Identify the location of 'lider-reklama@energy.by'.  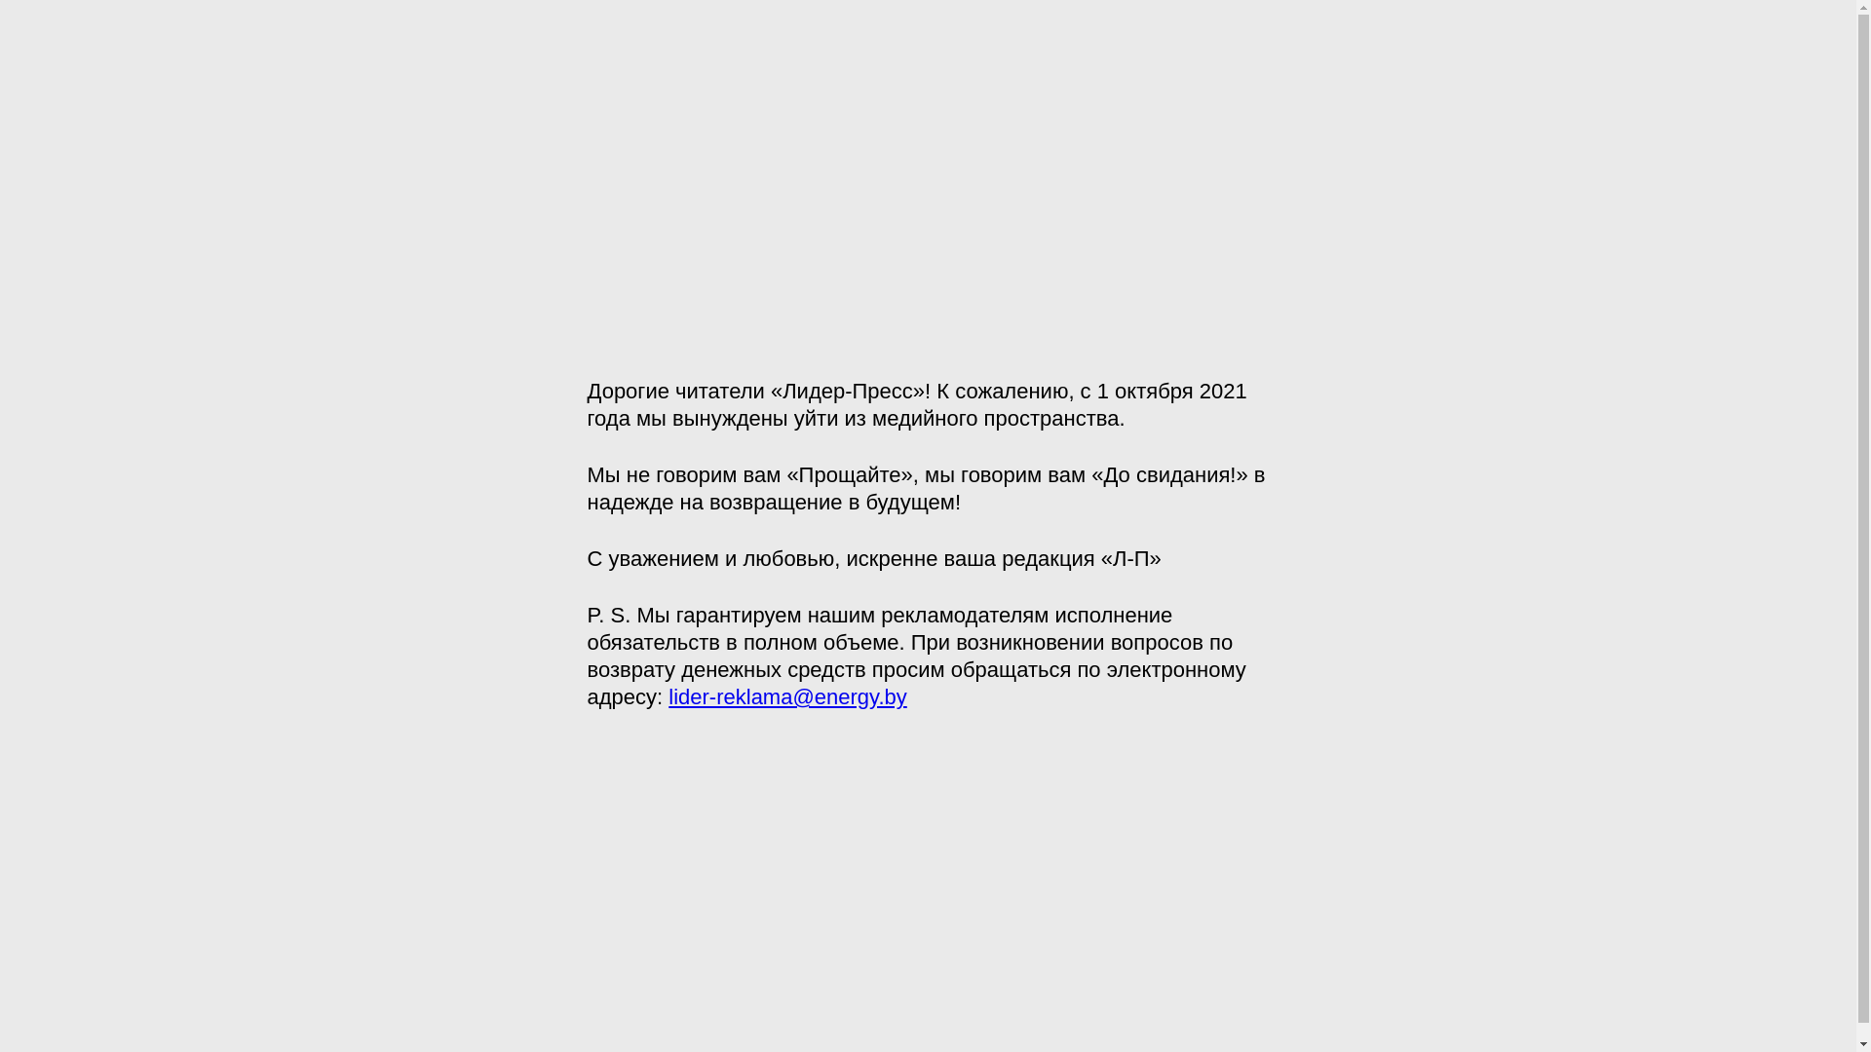
(786, 695).